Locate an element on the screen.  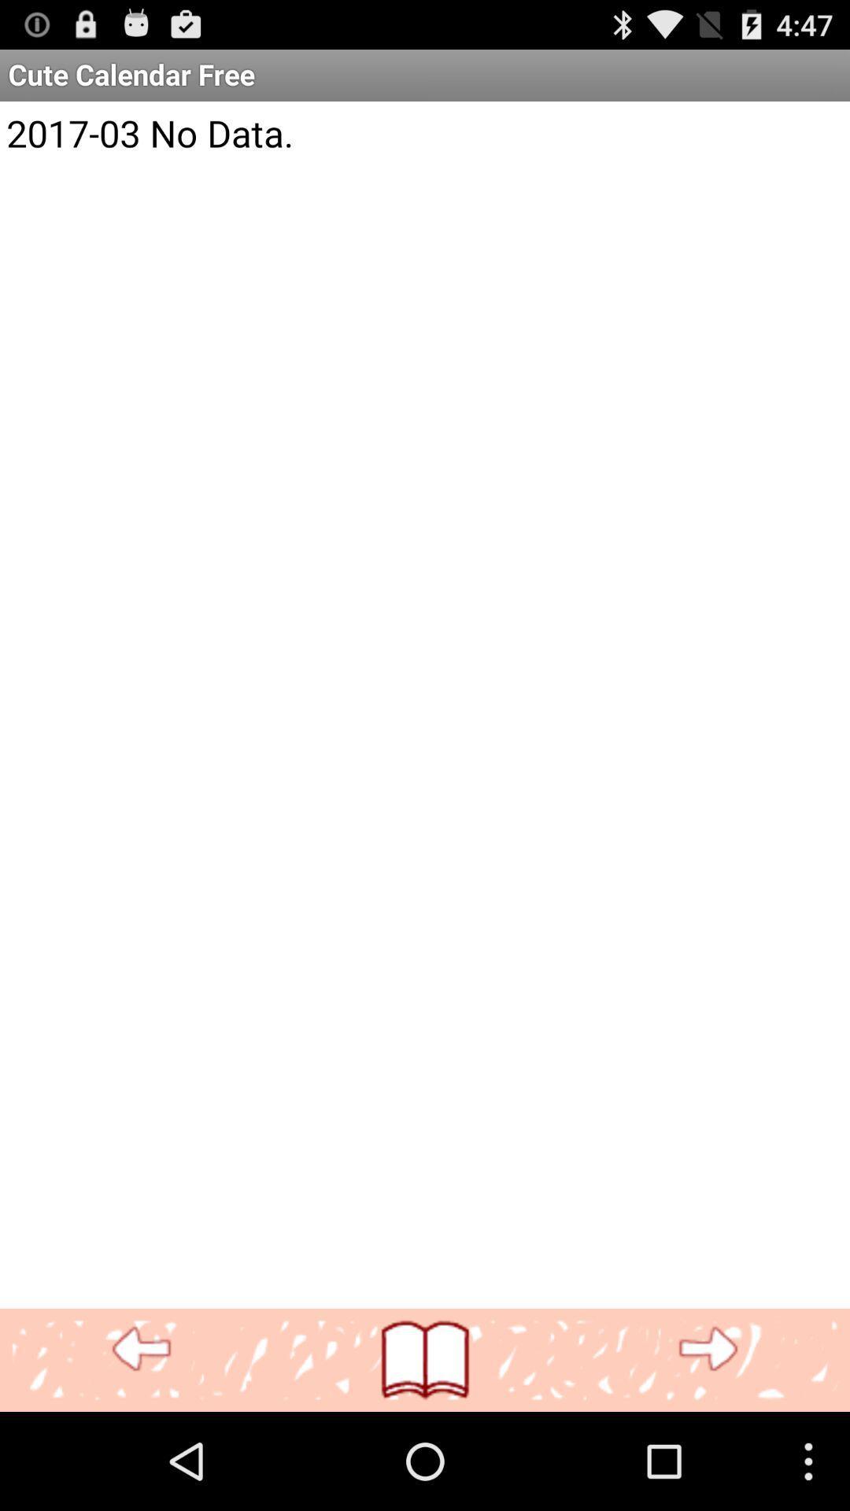
icon at the bottom right corner is located at coordinates (707, 1349).